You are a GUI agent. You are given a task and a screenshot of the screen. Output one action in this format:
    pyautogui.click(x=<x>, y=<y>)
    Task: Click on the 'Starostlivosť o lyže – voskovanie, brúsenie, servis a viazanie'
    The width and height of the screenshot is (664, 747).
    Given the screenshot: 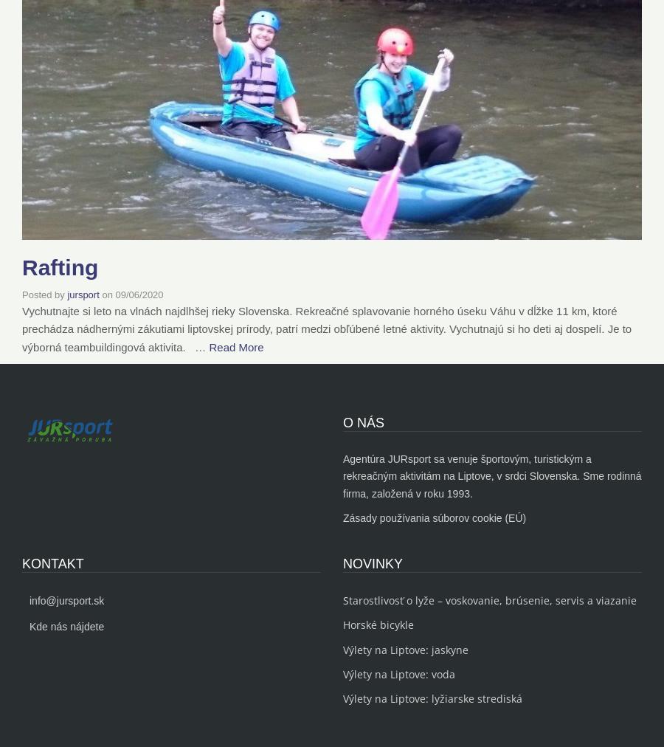 What is the action you would take?
    pyautogui.click(x=490, y=599)
    